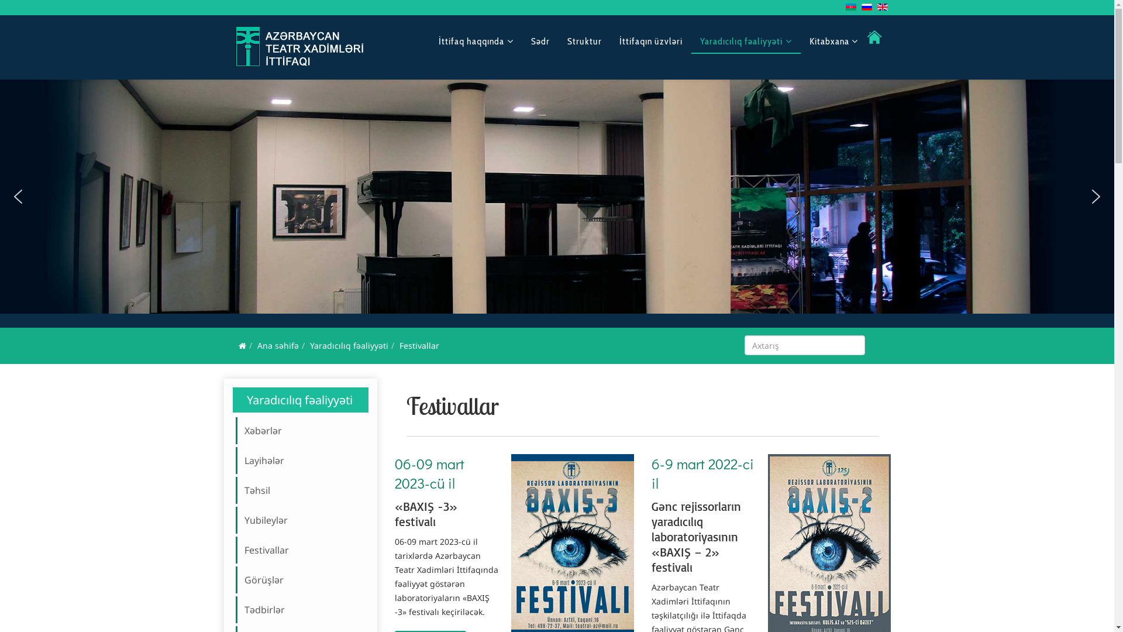 This screenshot has width=1123, height=632. What do you see at coordinates (861, 6) in the screenshot?
I see `'Russian (Russia)'` at bounding box center [861, 6].